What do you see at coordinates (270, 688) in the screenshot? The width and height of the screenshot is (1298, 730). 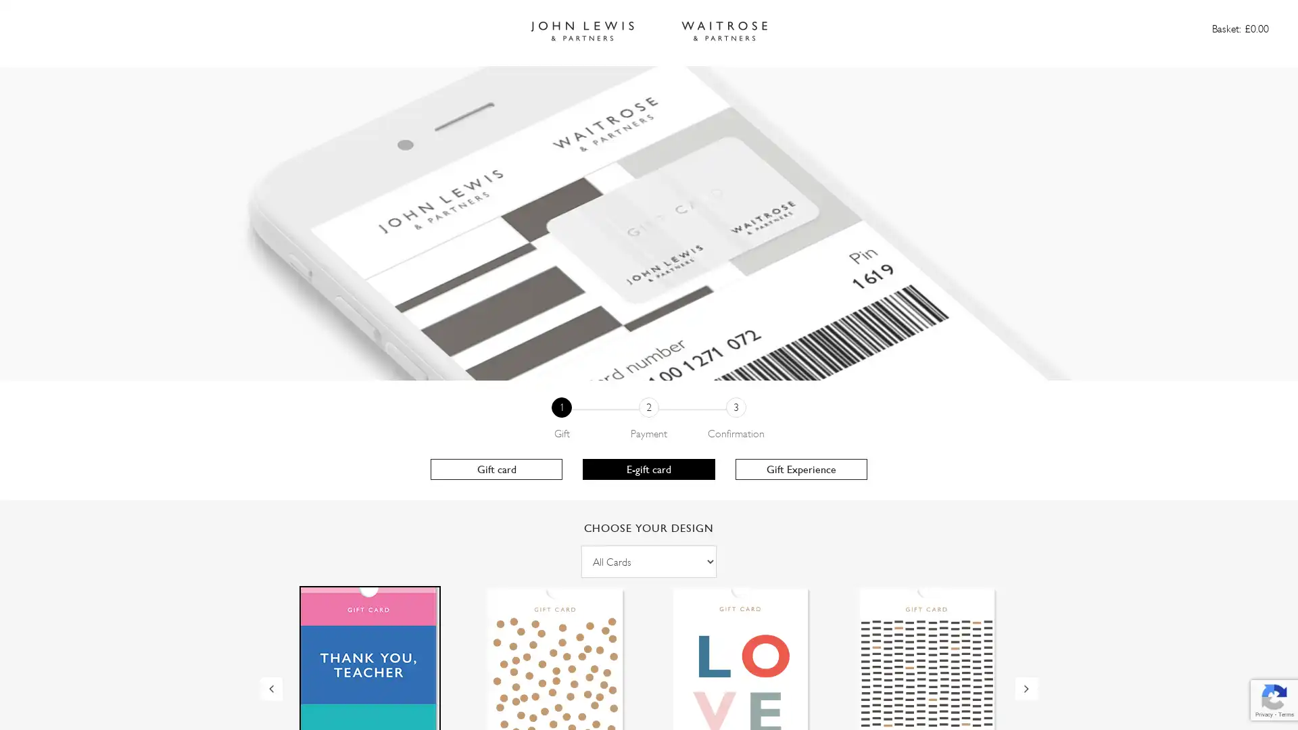 I see `Previous` at bounding box center [270, 688].